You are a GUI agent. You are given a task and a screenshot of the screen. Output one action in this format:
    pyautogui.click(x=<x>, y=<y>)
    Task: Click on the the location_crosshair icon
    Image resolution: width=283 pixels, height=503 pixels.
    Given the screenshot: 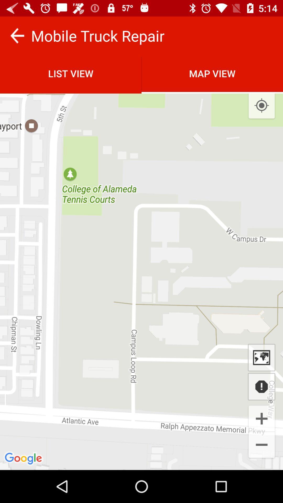 What is the action you would take?
    pyautogui.click(x=262, y=105)
    